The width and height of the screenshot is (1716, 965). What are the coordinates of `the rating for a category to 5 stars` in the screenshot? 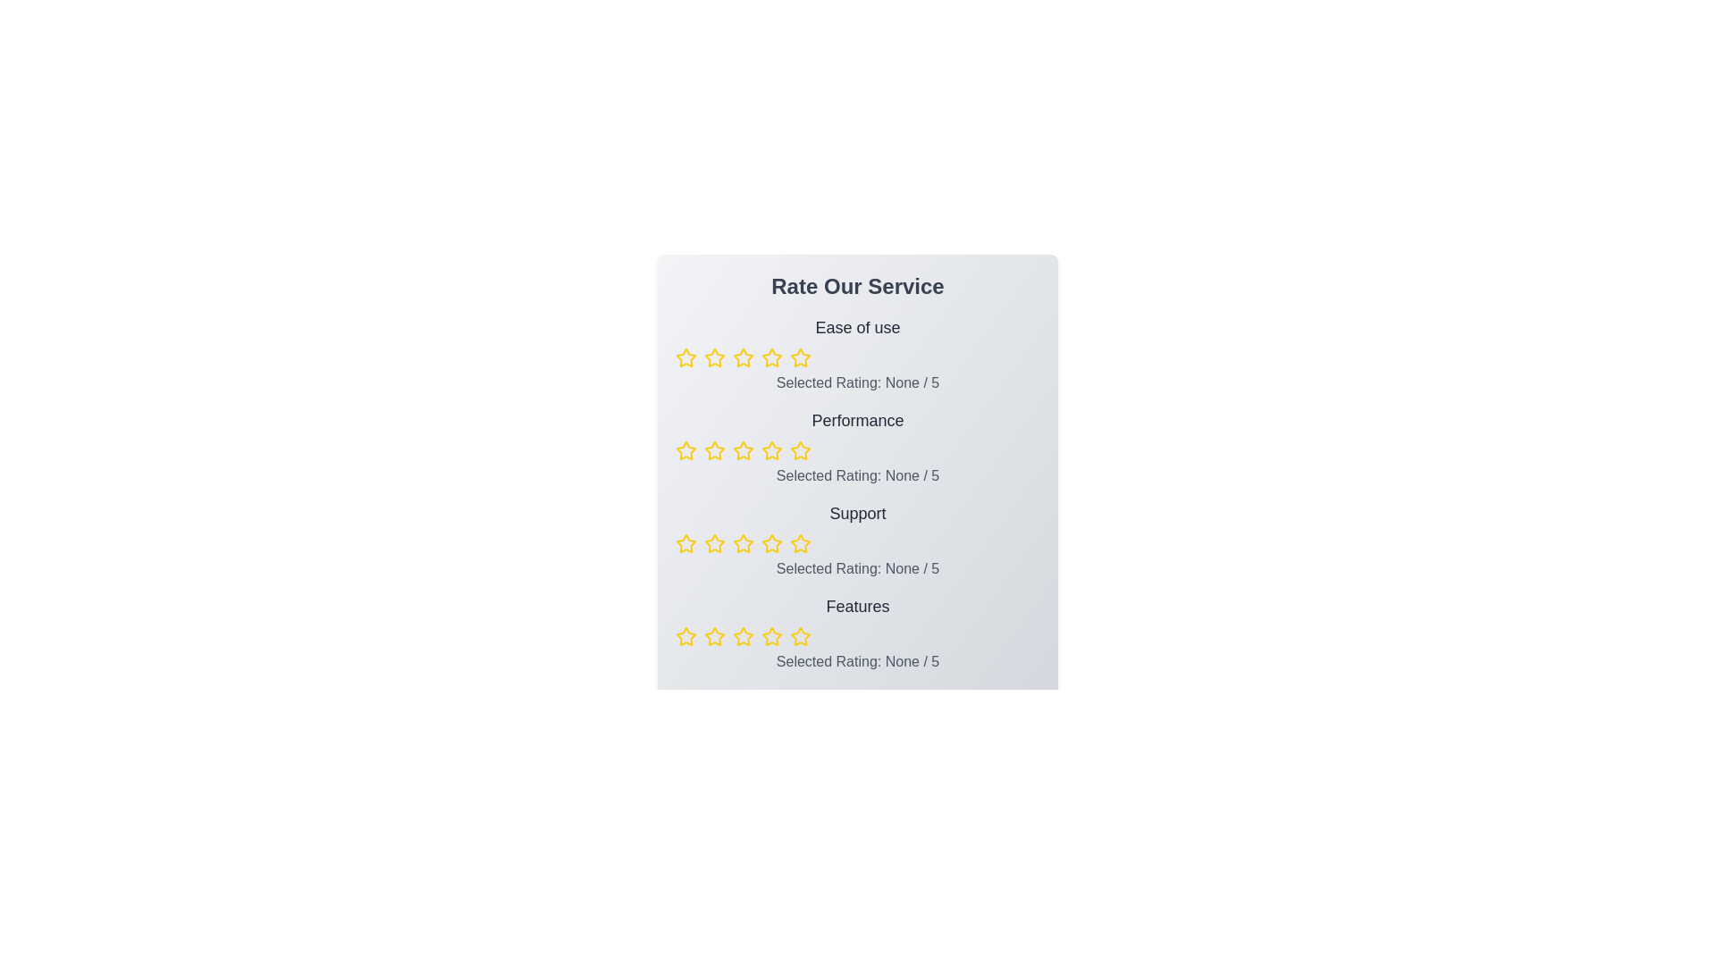 It's located at (800, 358).